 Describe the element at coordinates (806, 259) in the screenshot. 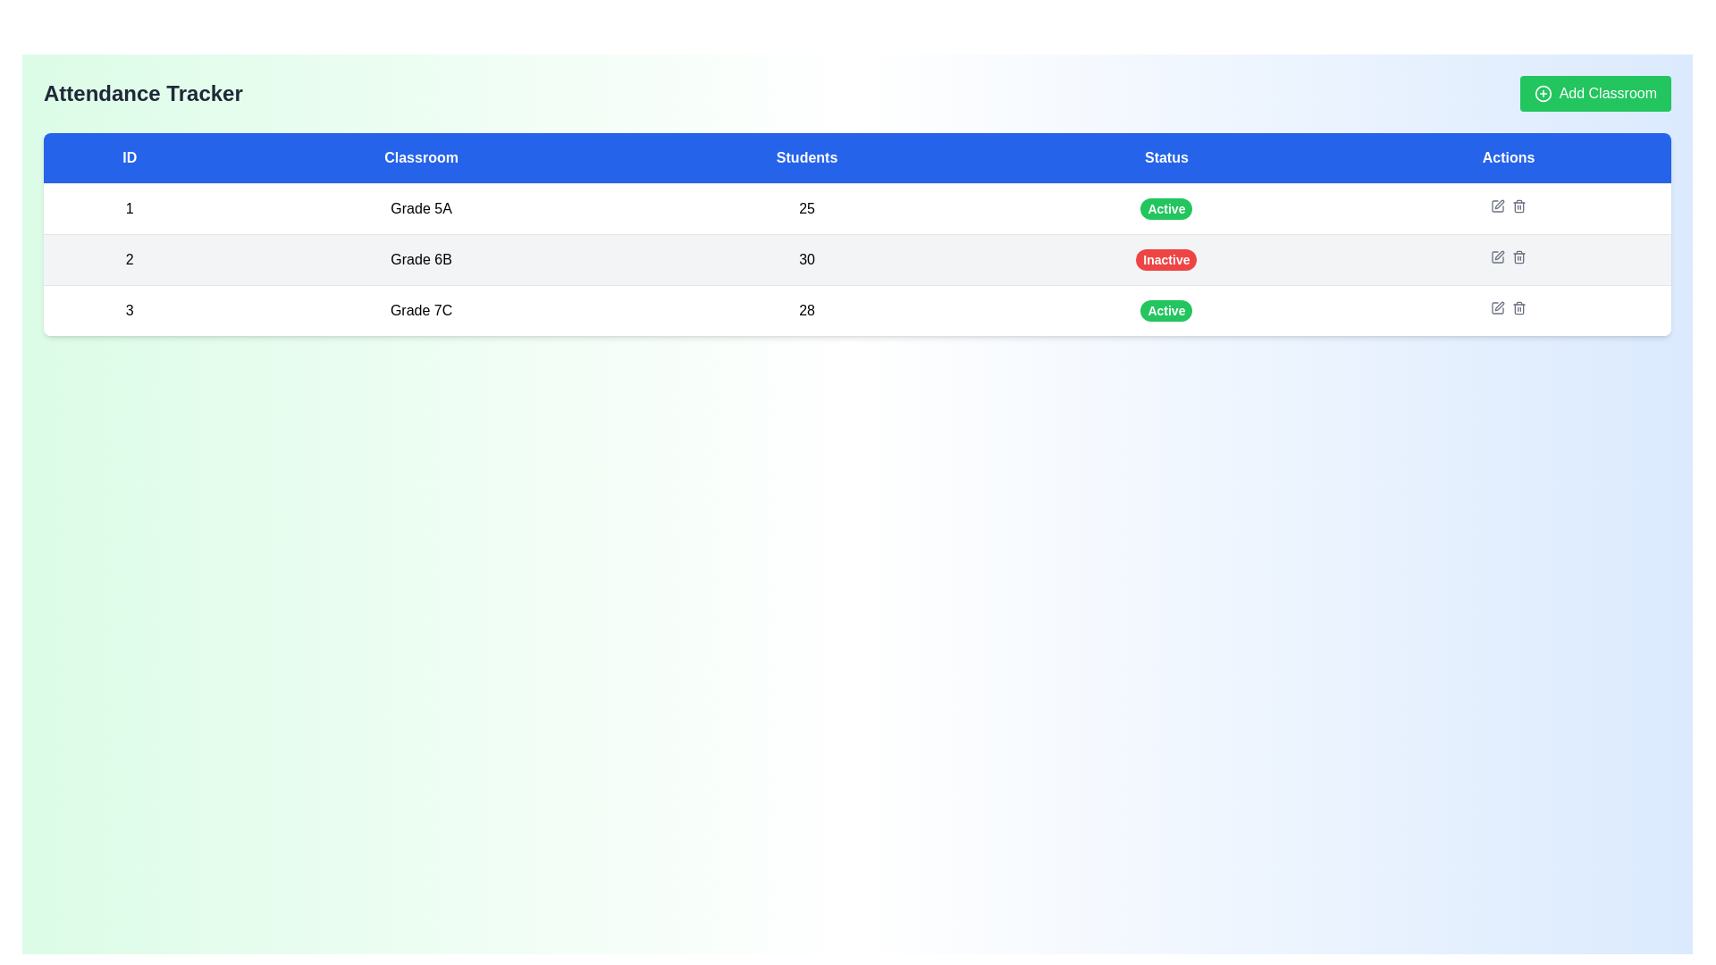

I see `the read-only text displaying the number of students associated with the class 'Grade 6B', which is located in the third column of the table beneath 'Grade 5A' and above 'Grade 7C'` at that location.